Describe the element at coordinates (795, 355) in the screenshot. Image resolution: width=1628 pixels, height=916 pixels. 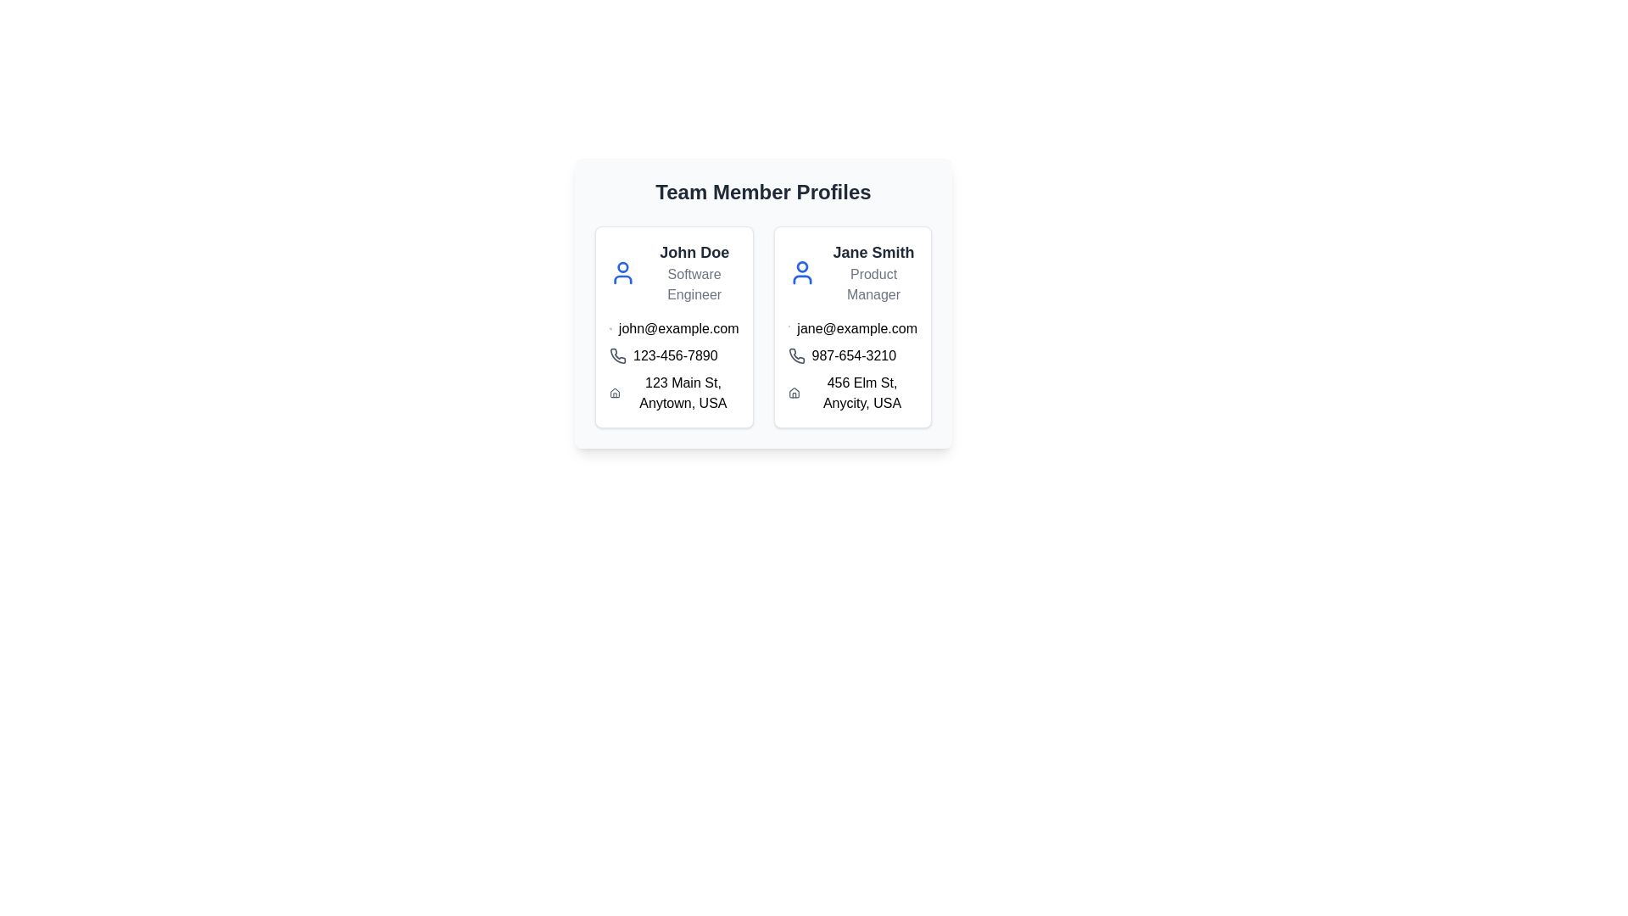
I see `the phone handset icon located to the left of the phone number '987-654-3210' in the second profile panel` at that location.